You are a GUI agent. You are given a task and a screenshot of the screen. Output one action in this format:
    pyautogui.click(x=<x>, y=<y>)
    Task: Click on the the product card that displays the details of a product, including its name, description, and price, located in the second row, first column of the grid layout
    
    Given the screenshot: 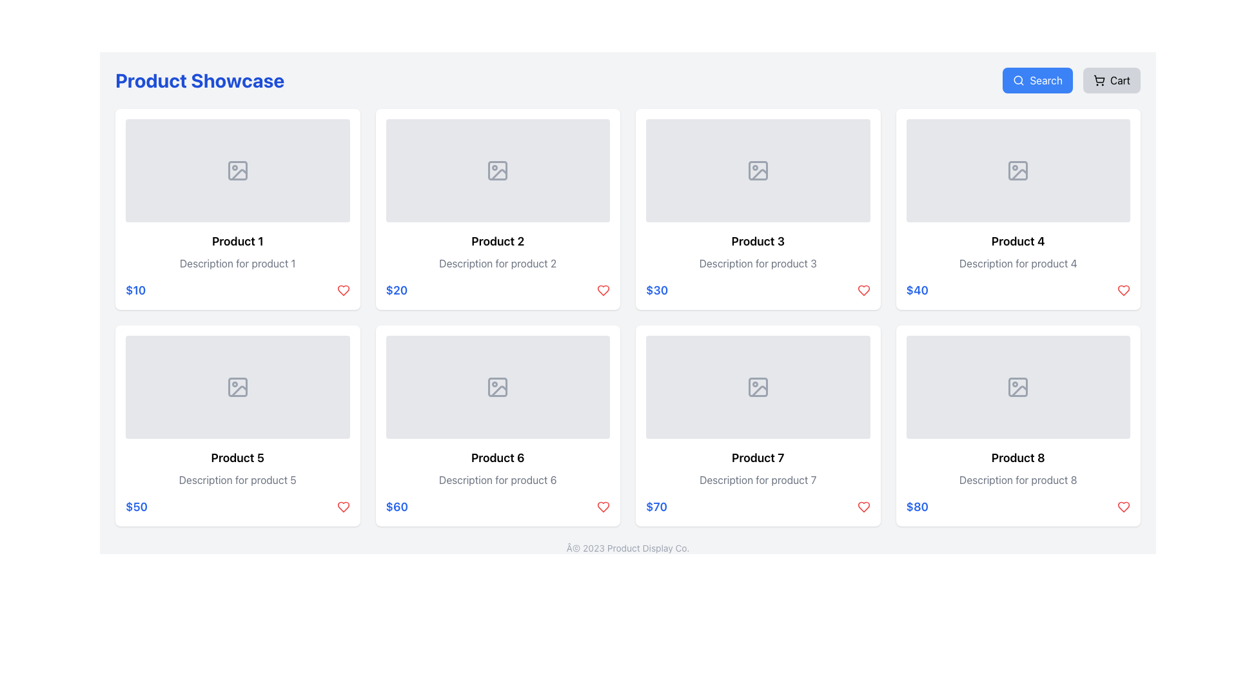 What is the action you would take?
    pyautogui.click(x=237, y=425)
    